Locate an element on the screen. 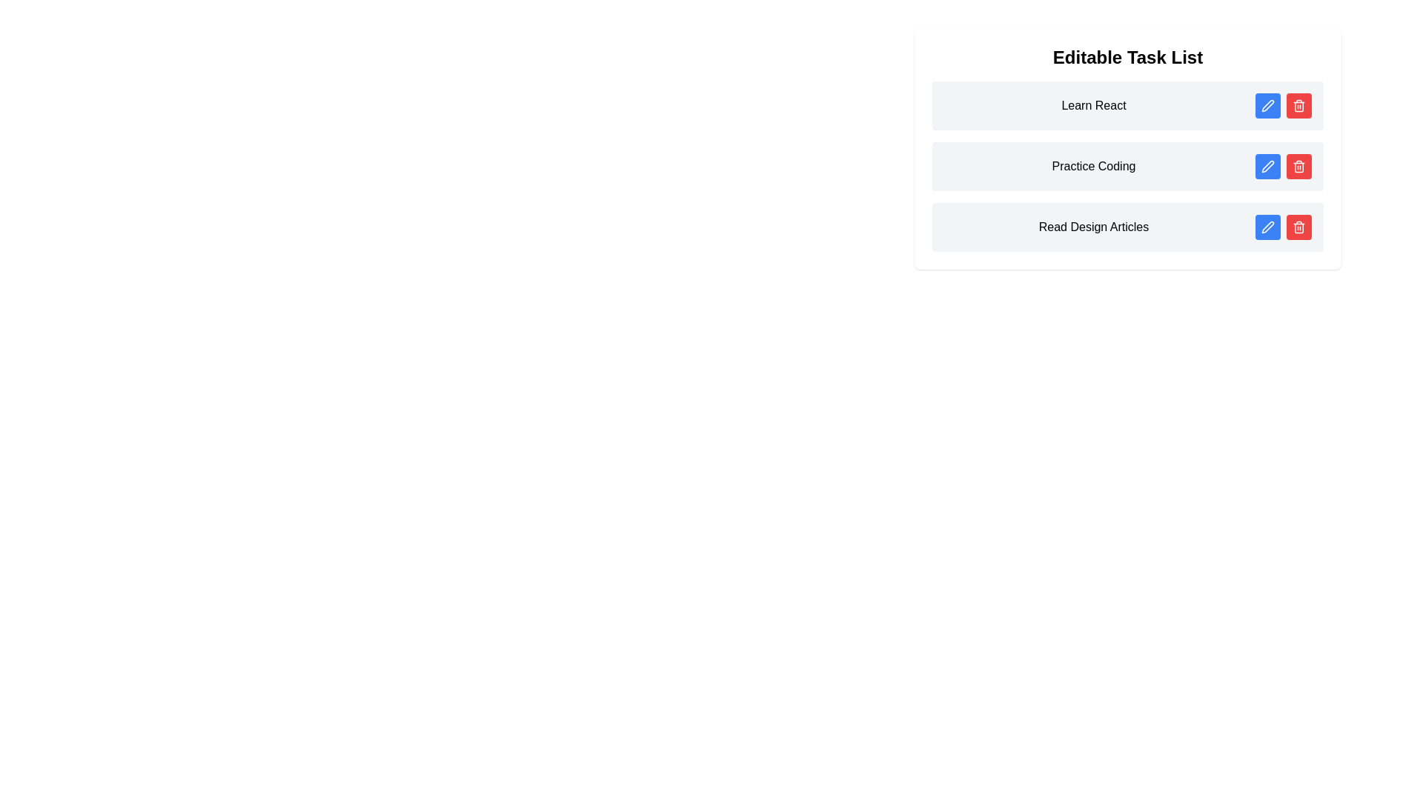 Image resolution: width=1423 pixels, height=800 pixels. the task item titled 'Practice Coding' is located at coordinates (1127, 148).